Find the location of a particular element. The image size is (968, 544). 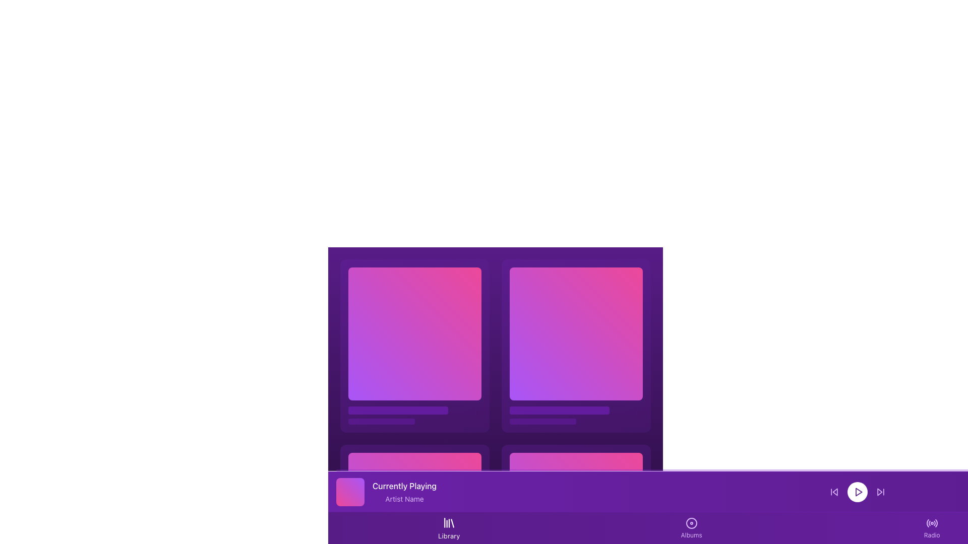

the 'Library' button in the bottom navigation bar is located at coordinates (448, 527).